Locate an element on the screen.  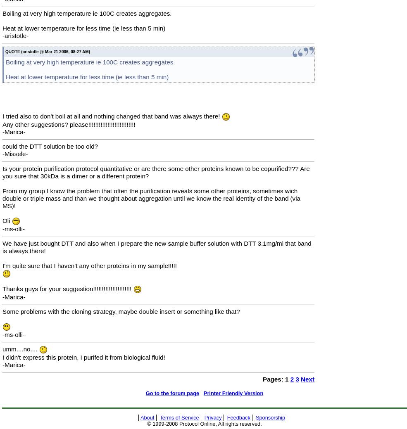
'could the DTT solution be too old?' is located at coordinates (50, 146).